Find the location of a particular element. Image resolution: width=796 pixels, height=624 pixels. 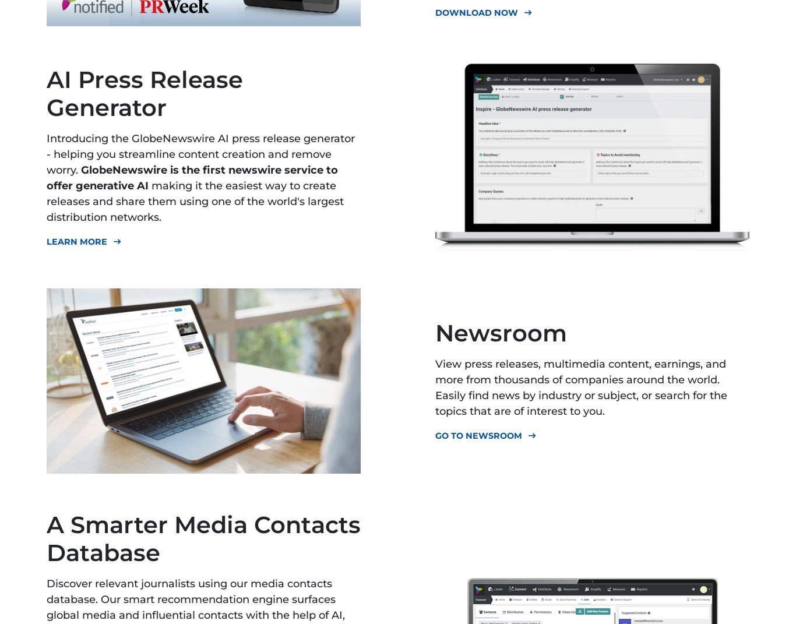

'Introducing the GlobeNewswire AI press release generator - helping you streamline content creation and remove worry.' is located at coordinates (200, 154).